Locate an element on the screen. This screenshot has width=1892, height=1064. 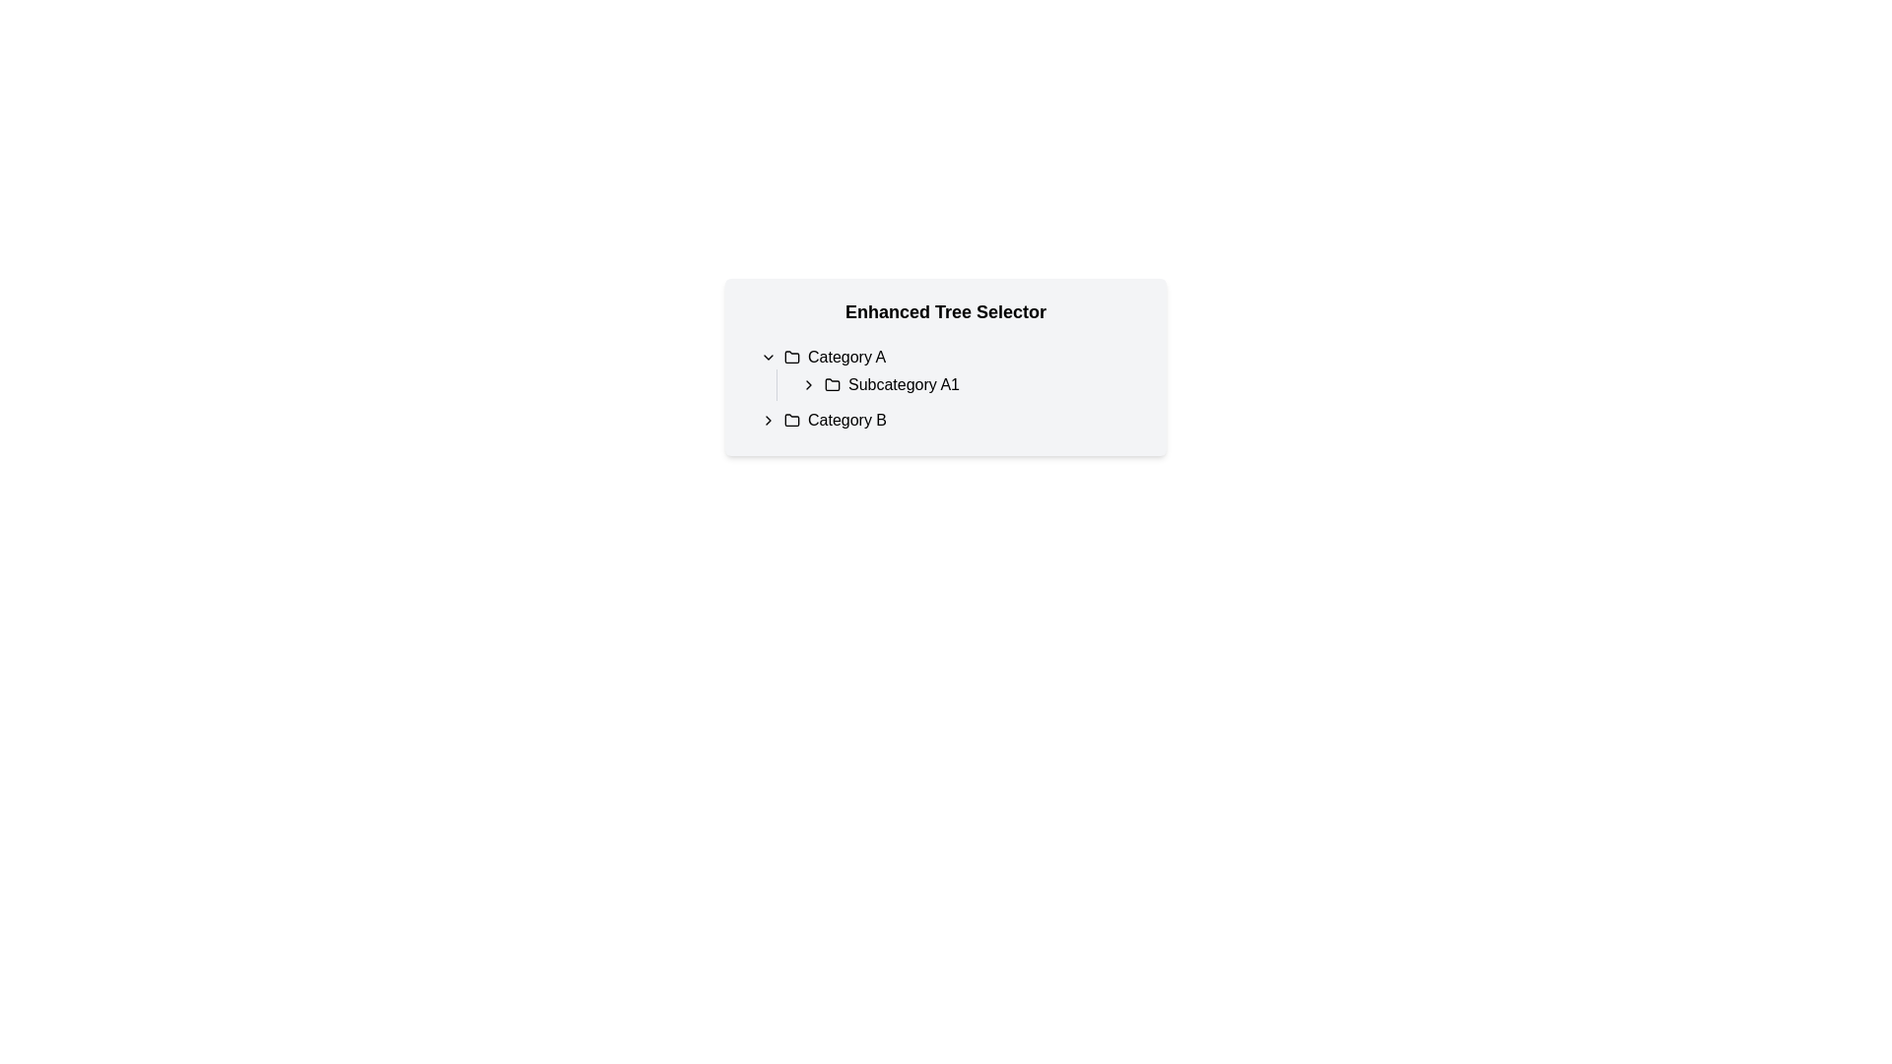
the folder icon representing 'Subcategory A1' in the tree structure, located next to the label 'Subcategory A1' is located at coordinates (832, 383).